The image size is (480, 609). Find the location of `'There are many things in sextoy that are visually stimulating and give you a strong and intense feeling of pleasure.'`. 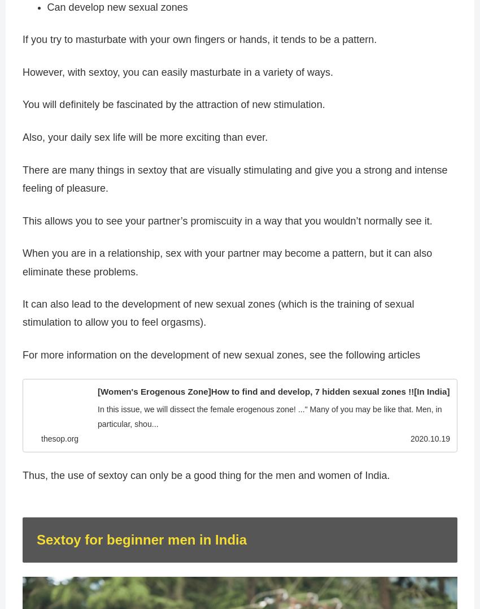

'There are many things in sextoy that are visually stimulating and give you a strong and intense feeling of pleasure.' is located at coordinates (234, 178).